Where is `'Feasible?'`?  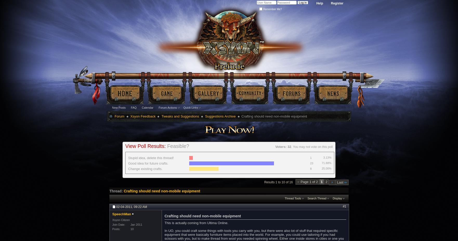 'Feasible?' is located at coordinates (178, 146).